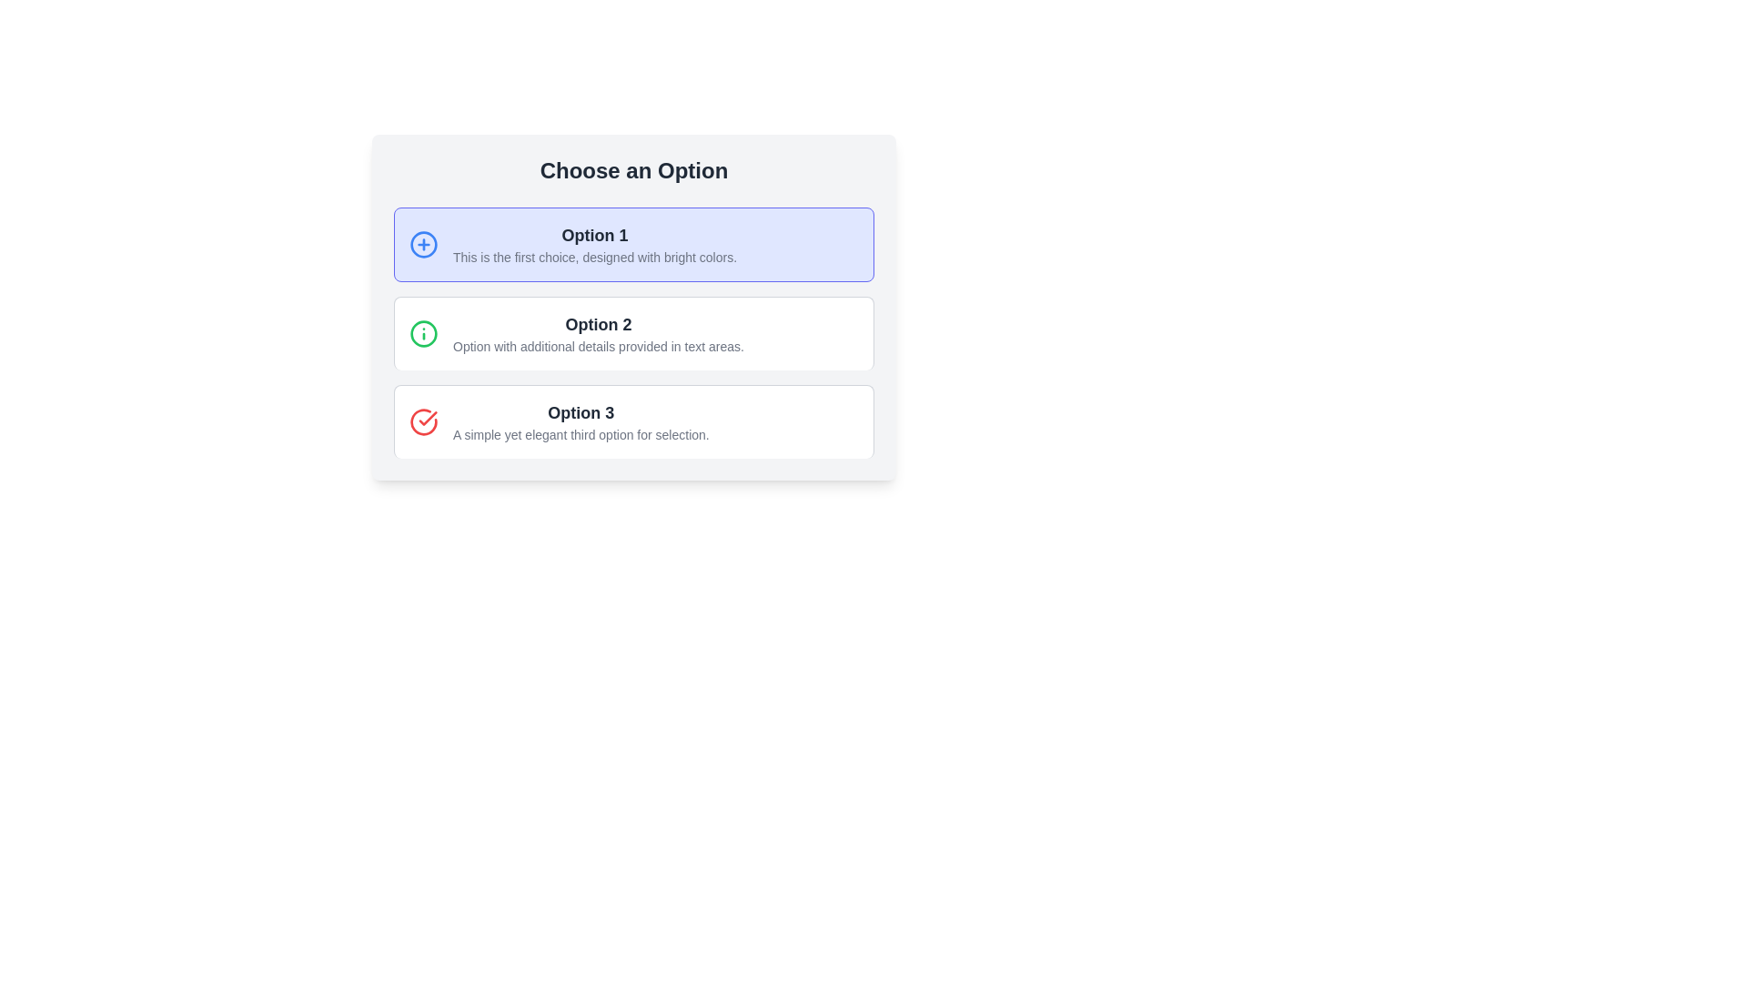 The height and width of the screenshot is (983, 1747). I want to click on the text label that reads 'A simple yet elegant third option for selection.' located below the title 'Option 3' in the third section of the choice group layout, so click(580, 435).